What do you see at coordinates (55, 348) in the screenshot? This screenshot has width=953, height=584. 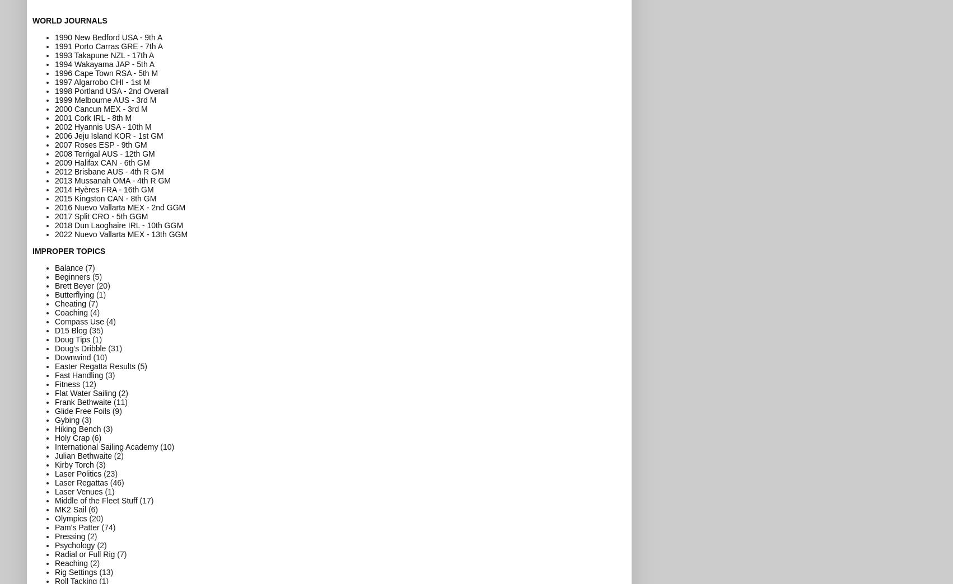 I see `'Doug's Dribble'` at bounding box center [55, 348].